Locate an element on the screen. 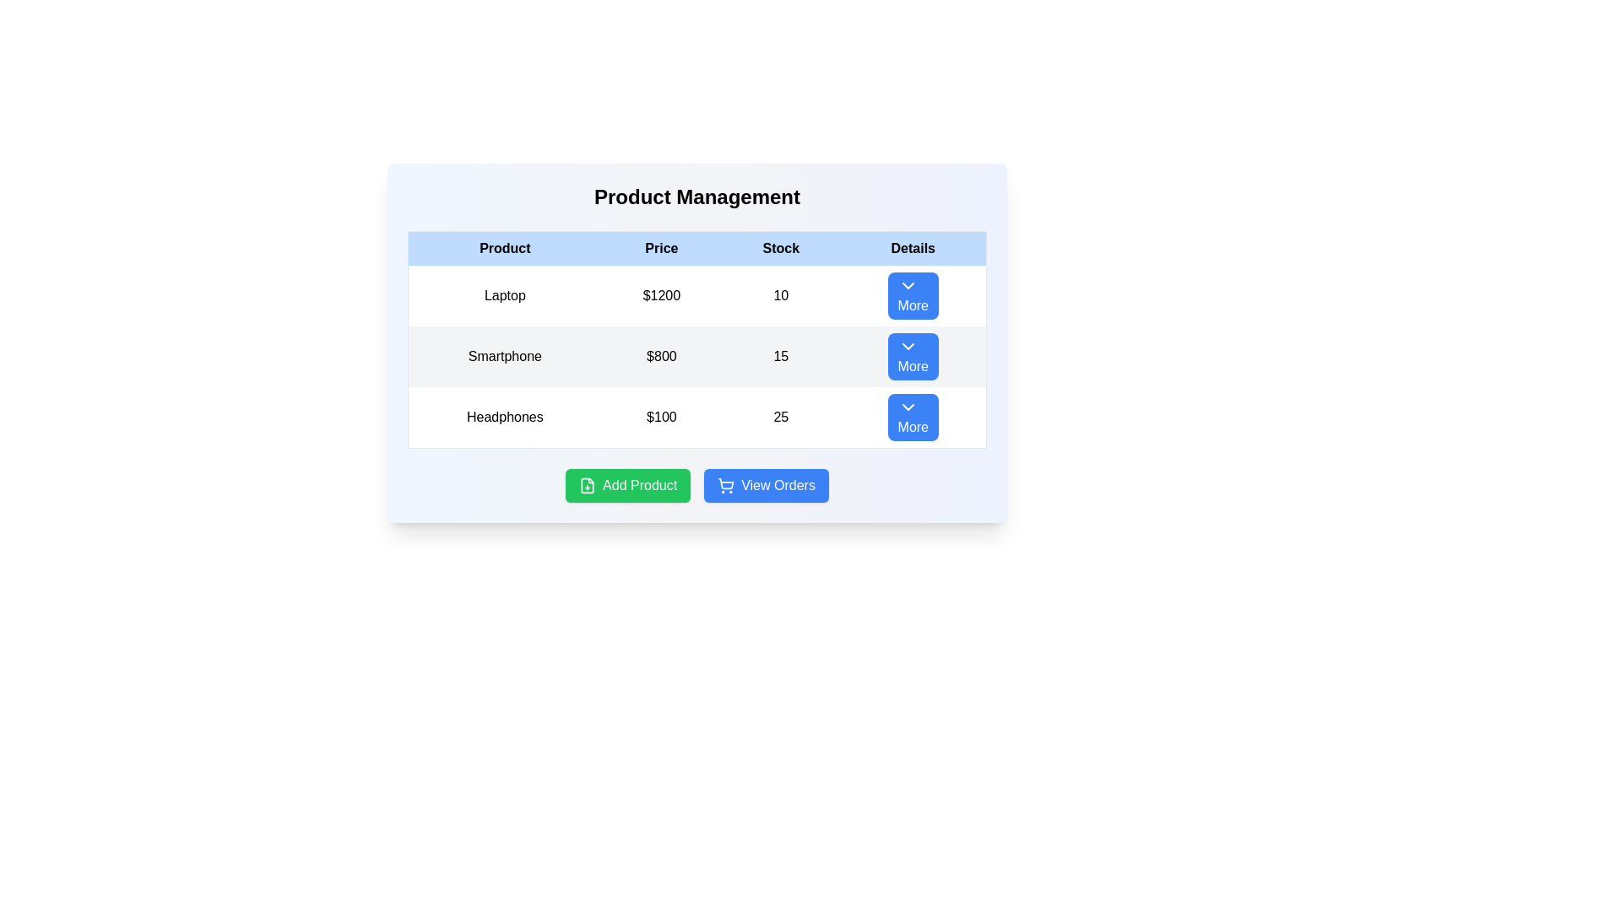 The image size is (1621, 911). the Text label displaying '25' in the Stock column of the Headphones row is located at coordinates (780, 418).